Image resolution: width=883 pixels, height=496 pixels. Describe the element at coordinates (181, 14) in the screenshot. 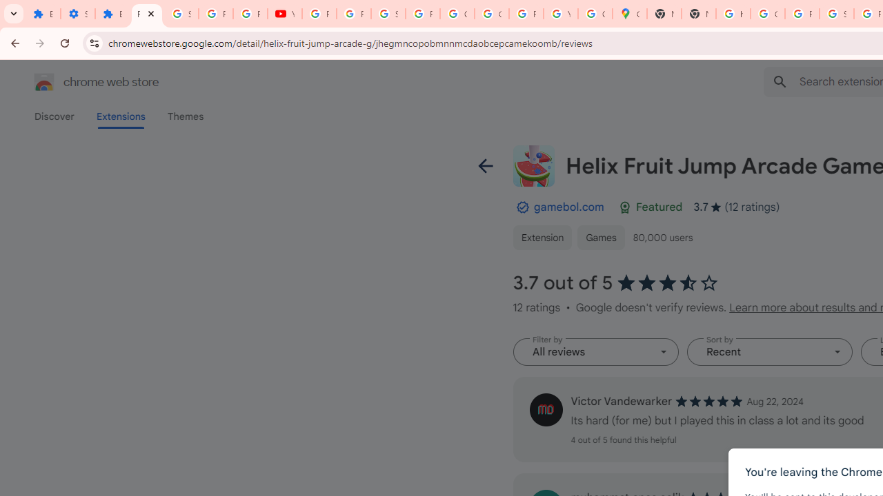

I see `'Sign in - Google Accounts'` at that location.